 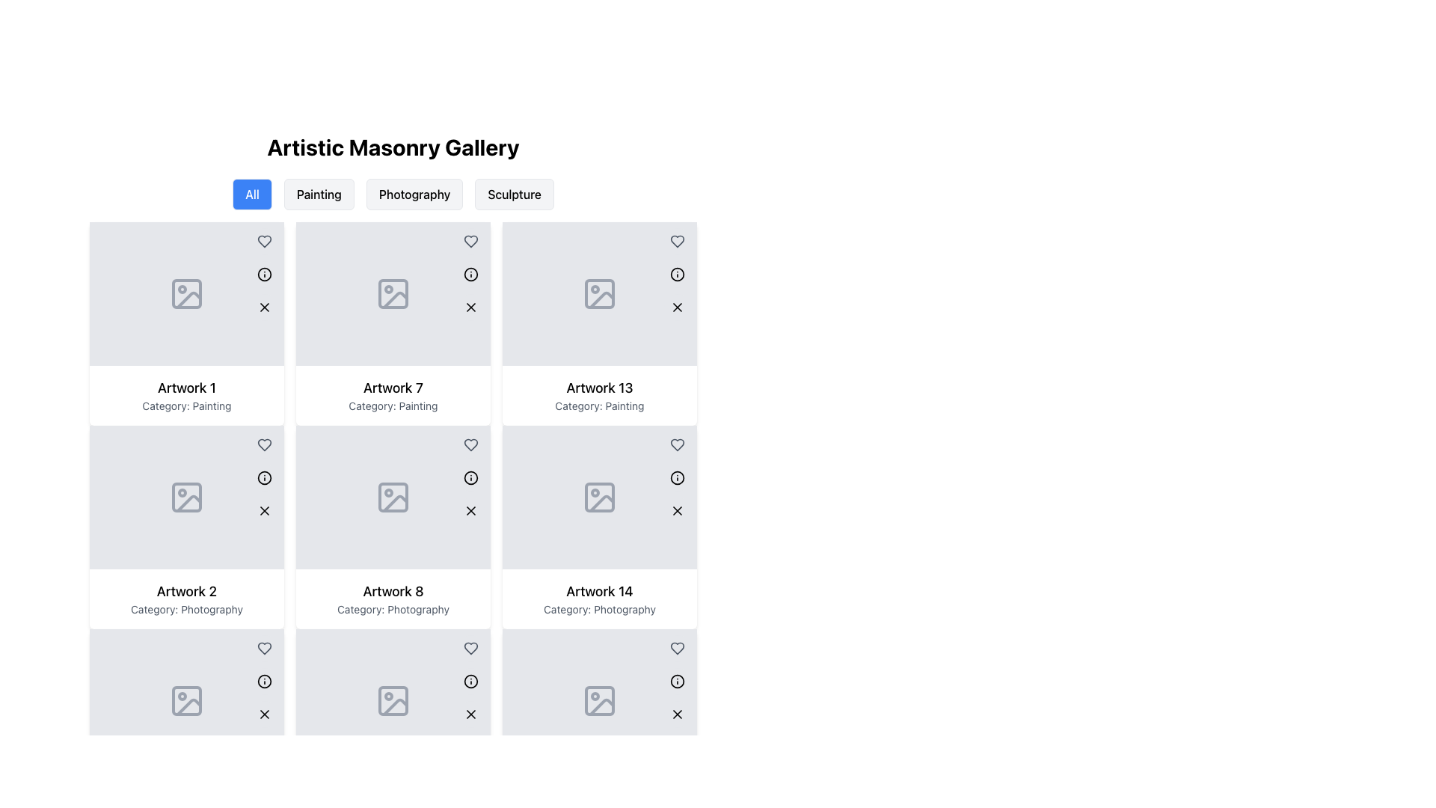 I want to click on the minimalistic 'X' icon in the bottom-right corner of the card labeled 'Artwork 14, Category: Photography', so click(x=677, y=714).